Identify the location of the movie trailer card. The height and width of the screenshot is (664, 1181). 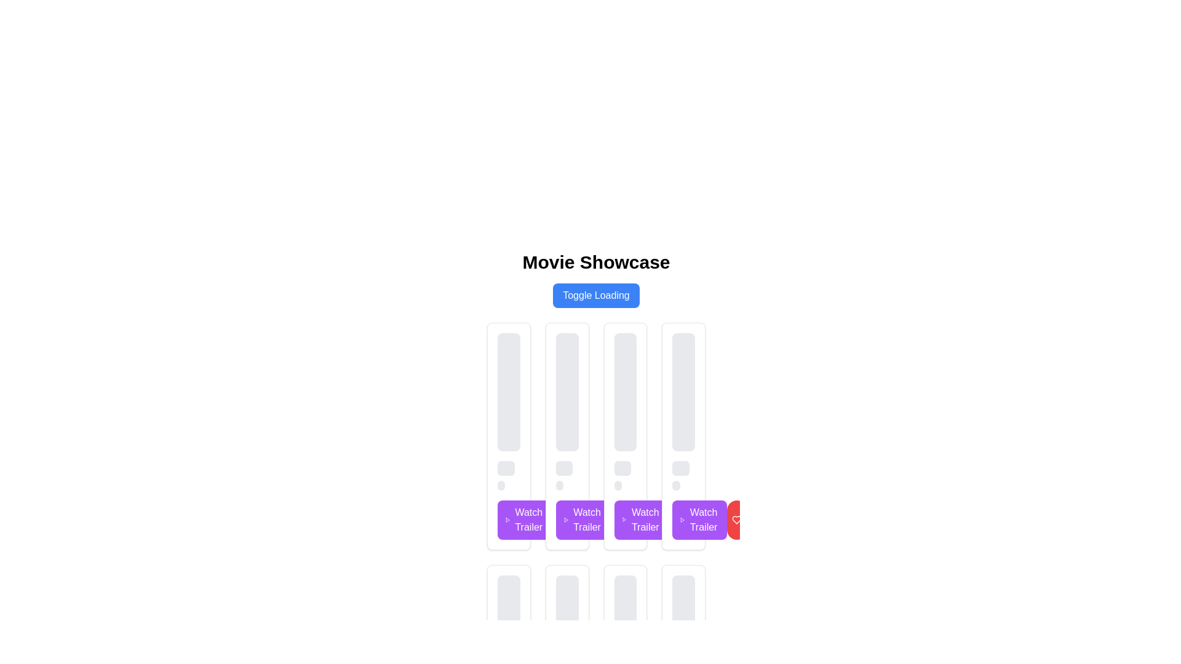
(625, 435).